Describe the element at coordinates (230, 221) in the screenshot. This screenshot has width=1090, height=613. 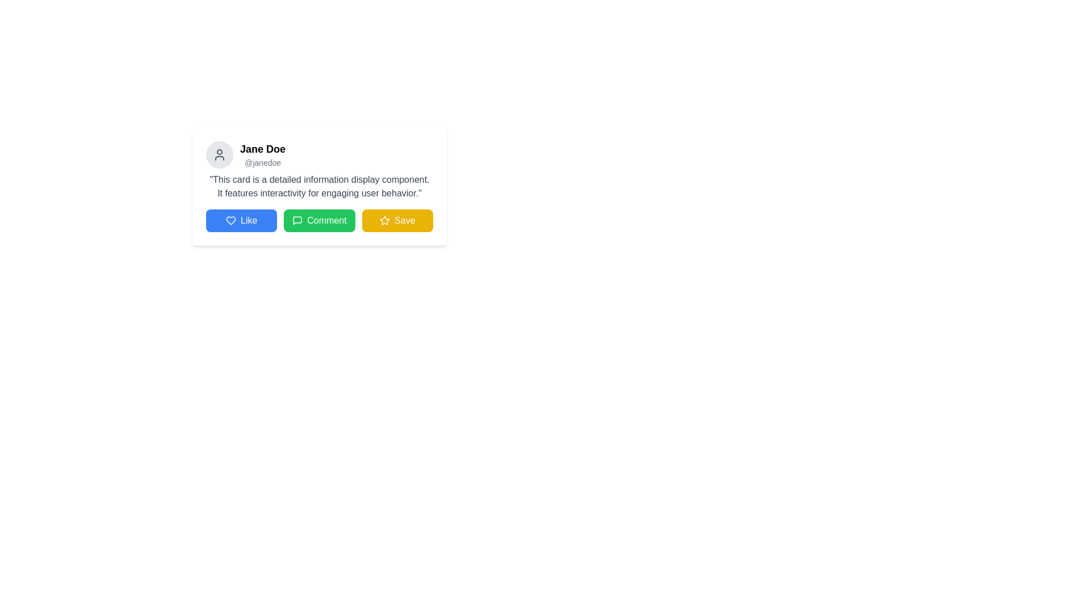
I see `the heart icon on the blue 'Like' button located at the bottom of the card component to express approval or positive feedback` at that location.